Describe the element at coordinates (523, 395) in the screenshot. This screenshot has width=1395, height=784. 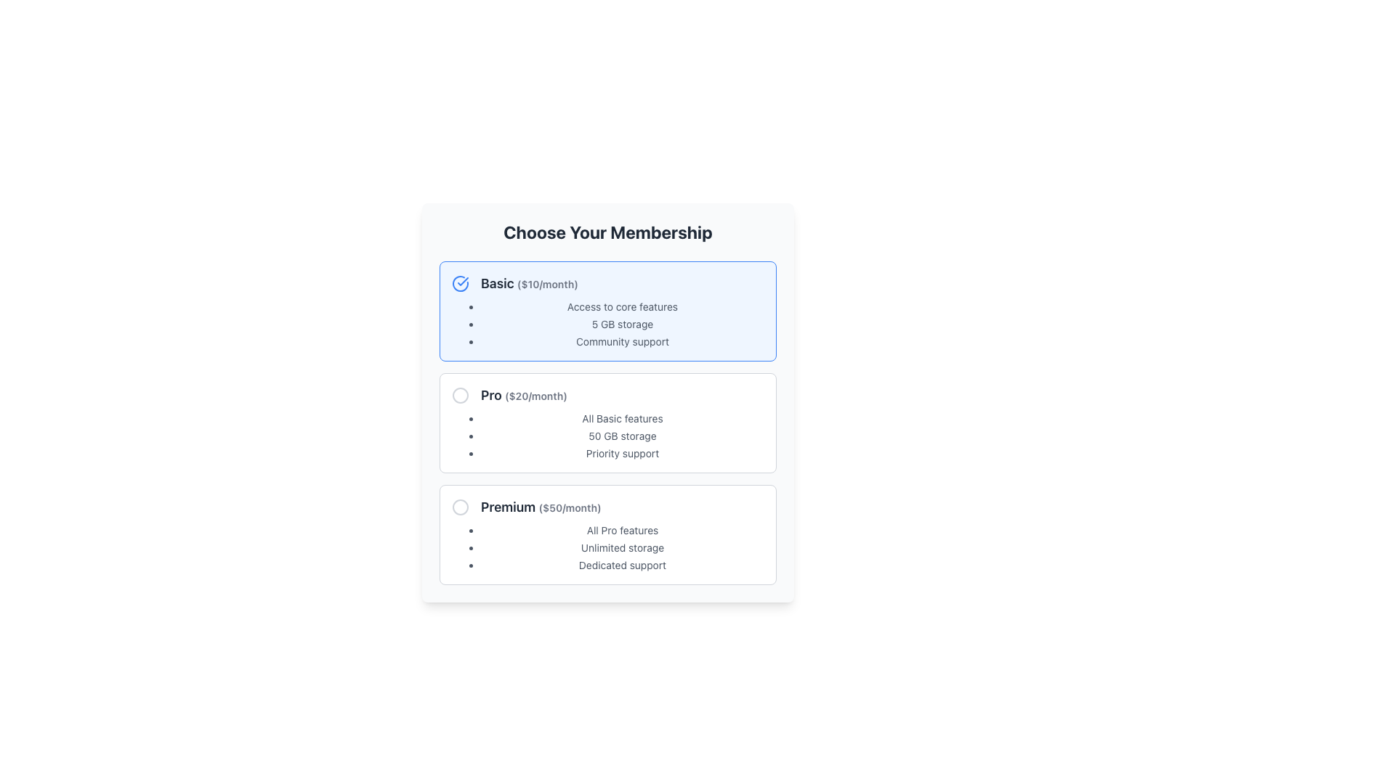
I see `the text label indicating the name and cost of the 'Pro' membership tier` at that location.